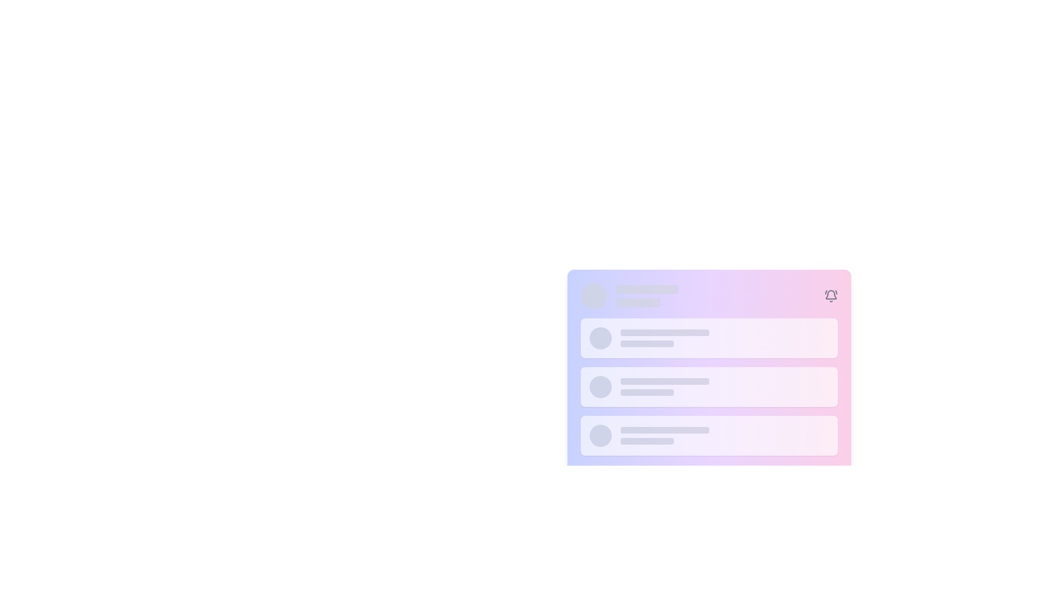 The image size is (1064, 598). What do you see at coordinates (831, 296) in the screenshot?
I see `the notification center icon located at the upper-right corner of the panel with a gradient purple-pink background` at bounding box center [831, 296].